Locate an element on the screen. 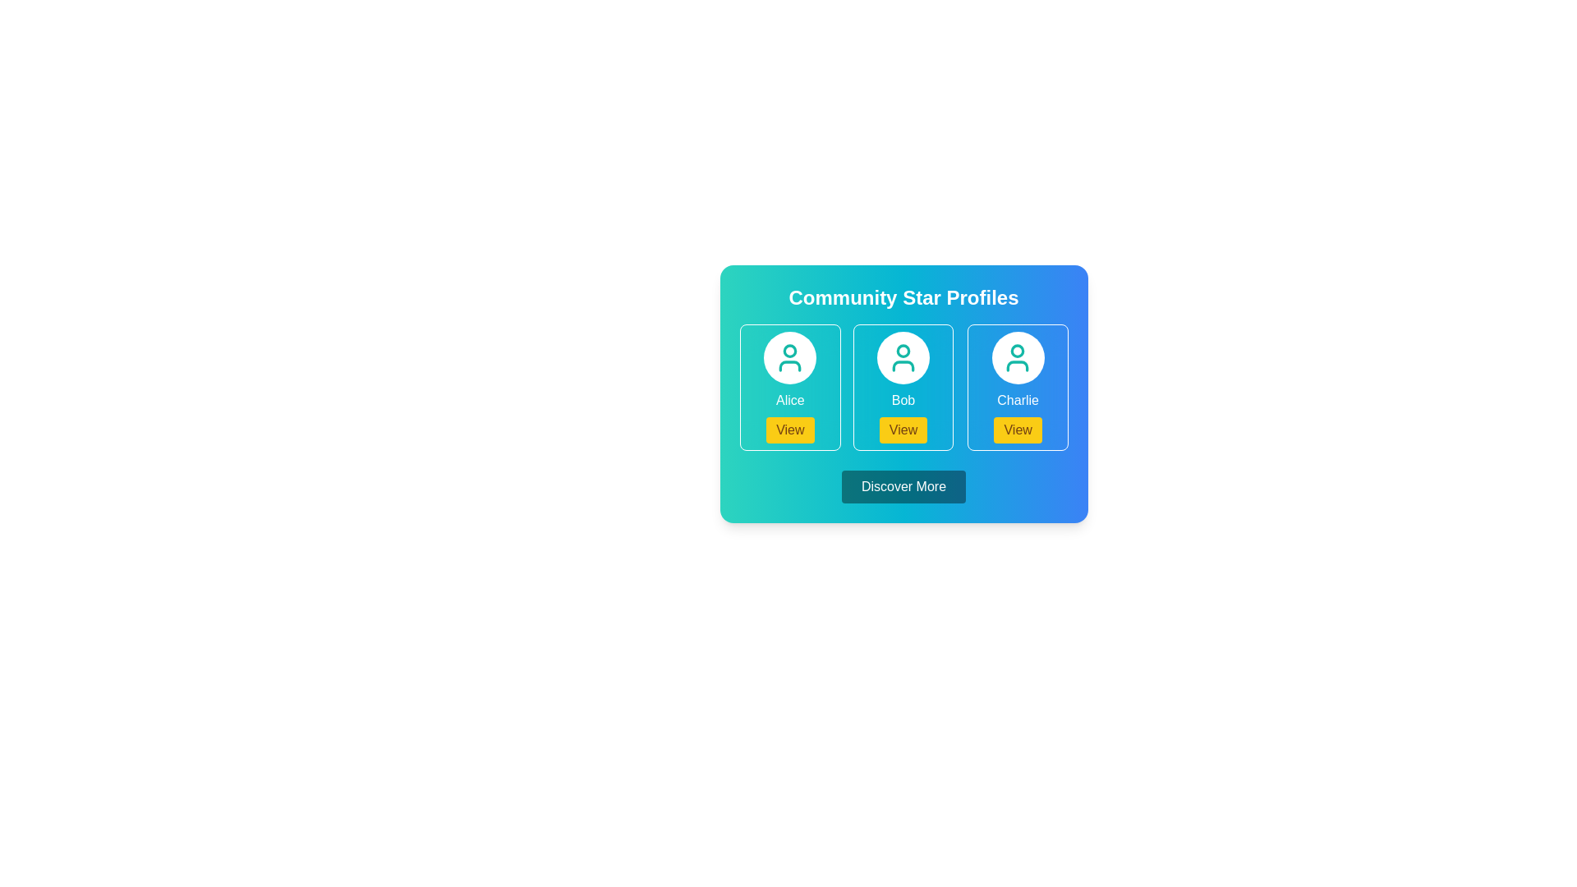  the Static Text element displaying 'Bob' which is centrally aligned beneath the user avatar and above the 'View' button is located at coordinates (903, 401).